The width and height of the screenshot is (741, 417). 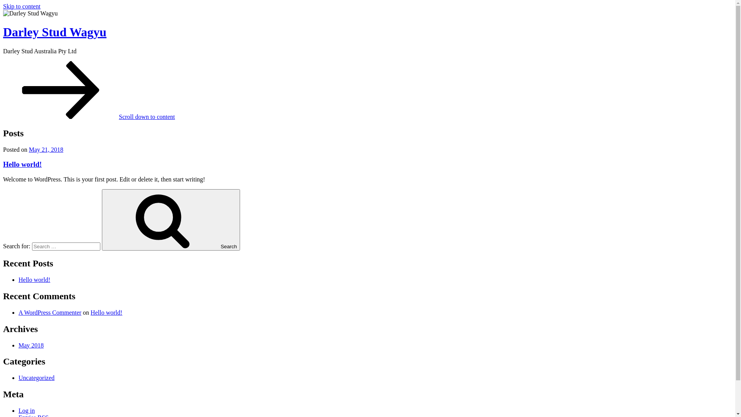 I want to click on 'Log in', so click(x=26, y=410).